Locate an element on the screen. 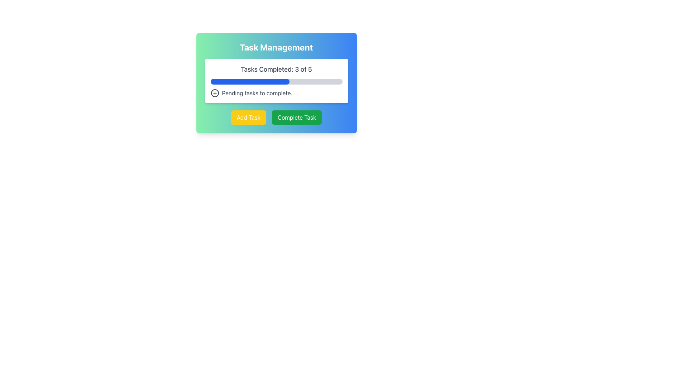 This screenshot has height=387, width=688. task information by interacting with the 'Task Management' panel which displays progress and task options is located at coordinates (276, 82).